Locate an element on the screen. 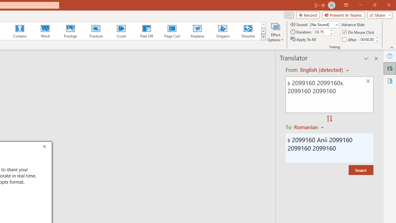 Image resolution: width=396 pixels, height=223 pixels. 'Wind' is located at coordinates (45, 31).